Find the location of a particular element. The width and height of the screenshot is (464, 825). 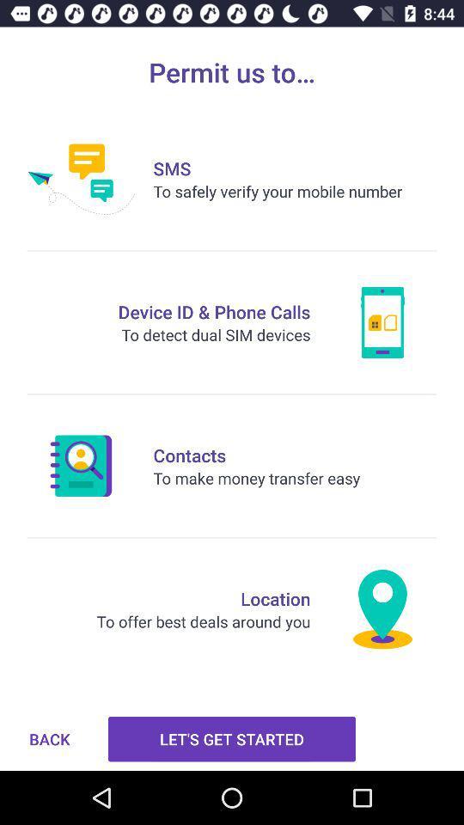

the icon to the right of back is located at coordinates (232, 738).